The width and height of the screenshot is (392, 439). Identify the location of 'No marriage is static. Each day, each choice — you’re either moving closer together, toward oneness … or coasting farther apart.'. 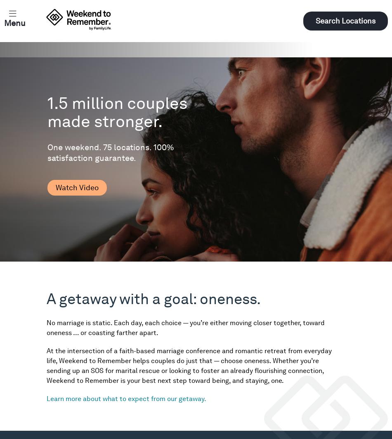
(185, 328).